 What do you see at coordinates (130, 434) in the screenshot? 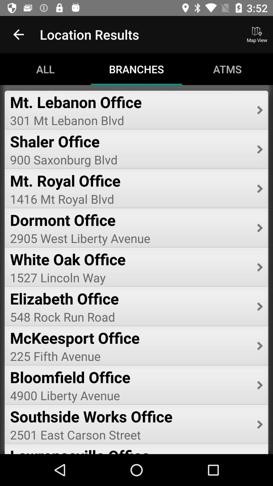
I see `the item below southside works office` at bounding box center [130, 434].